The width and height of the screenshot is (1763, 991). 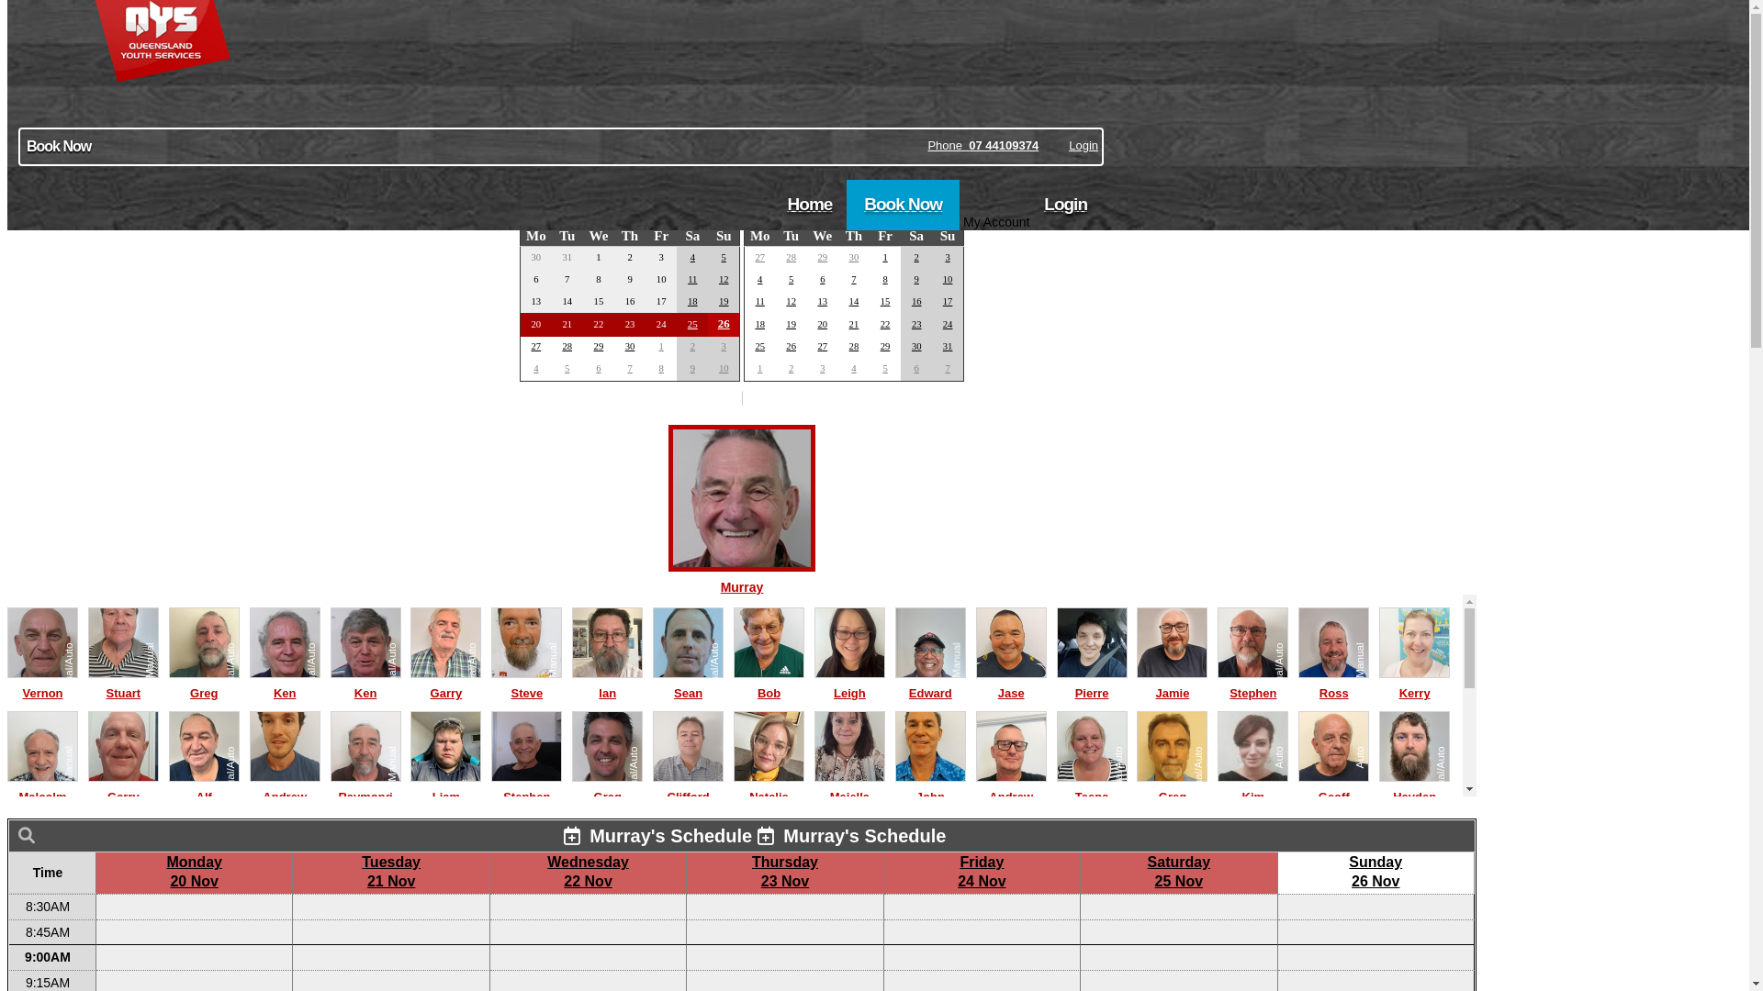 What do you see at coordinates (525, 684) in the screenshot?
I see `'Steve` at bounding box center [525, 684].